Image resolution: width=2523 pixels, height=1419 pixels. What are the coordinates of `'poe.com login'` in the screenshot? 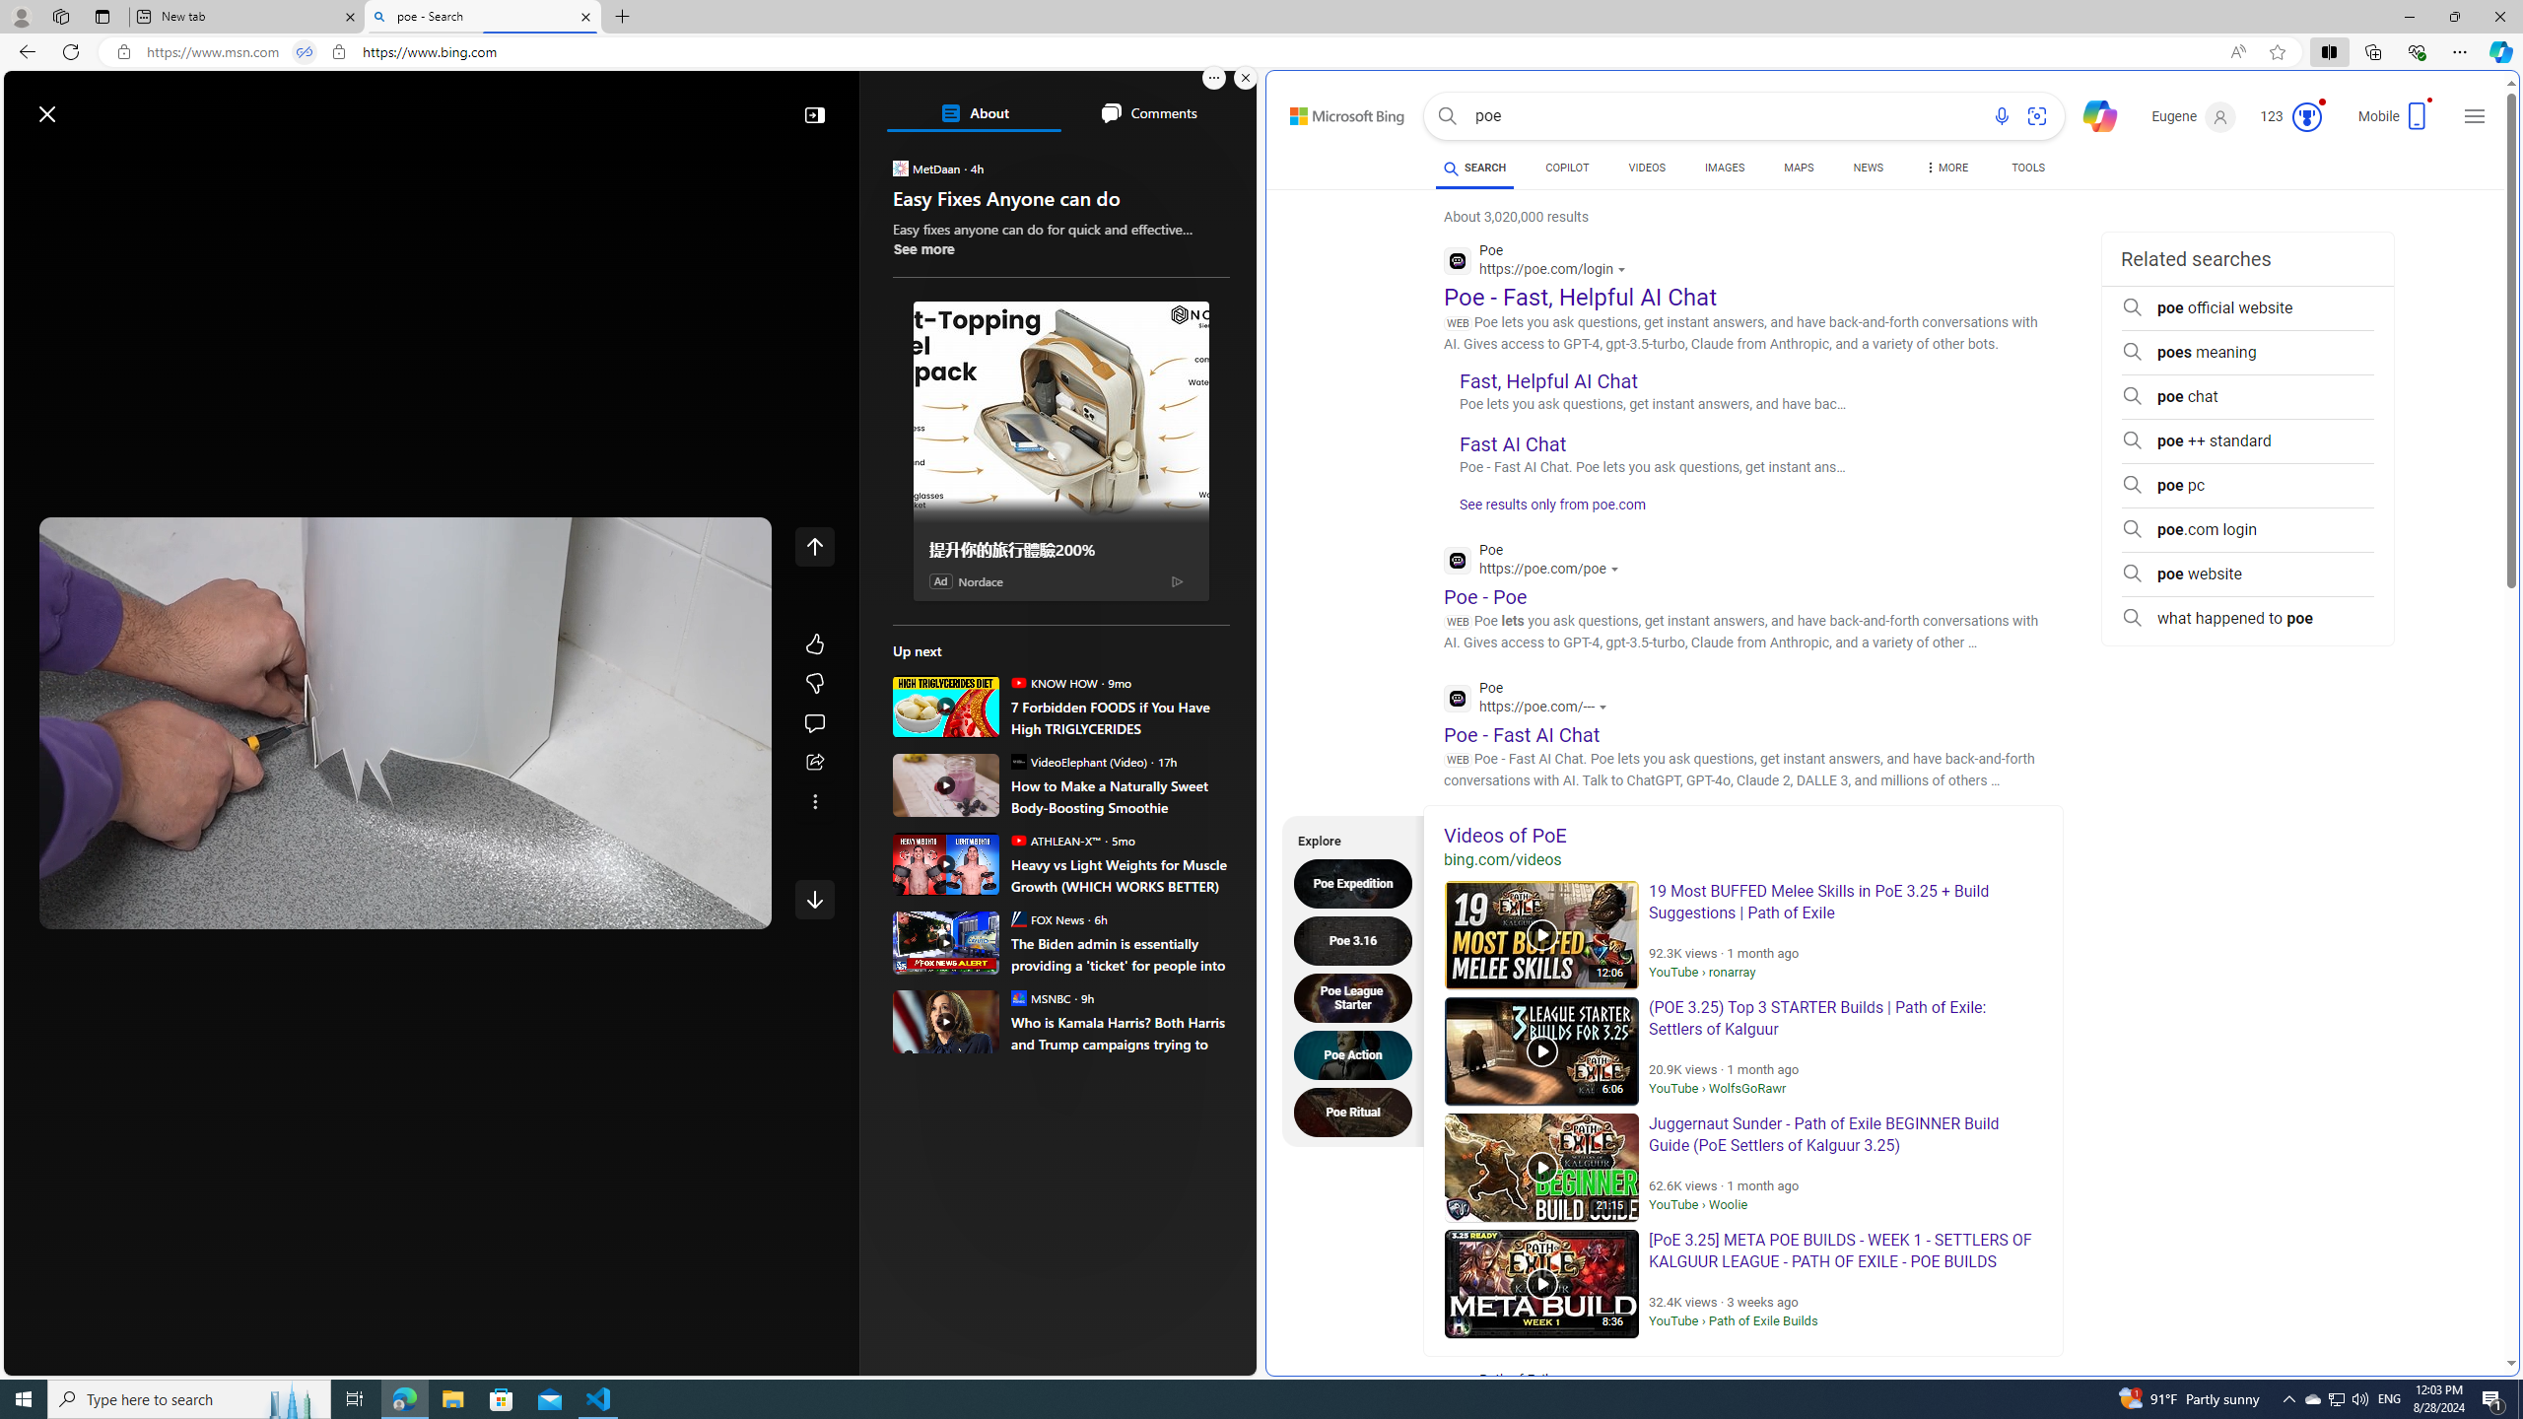 It's located at (2246, 528).